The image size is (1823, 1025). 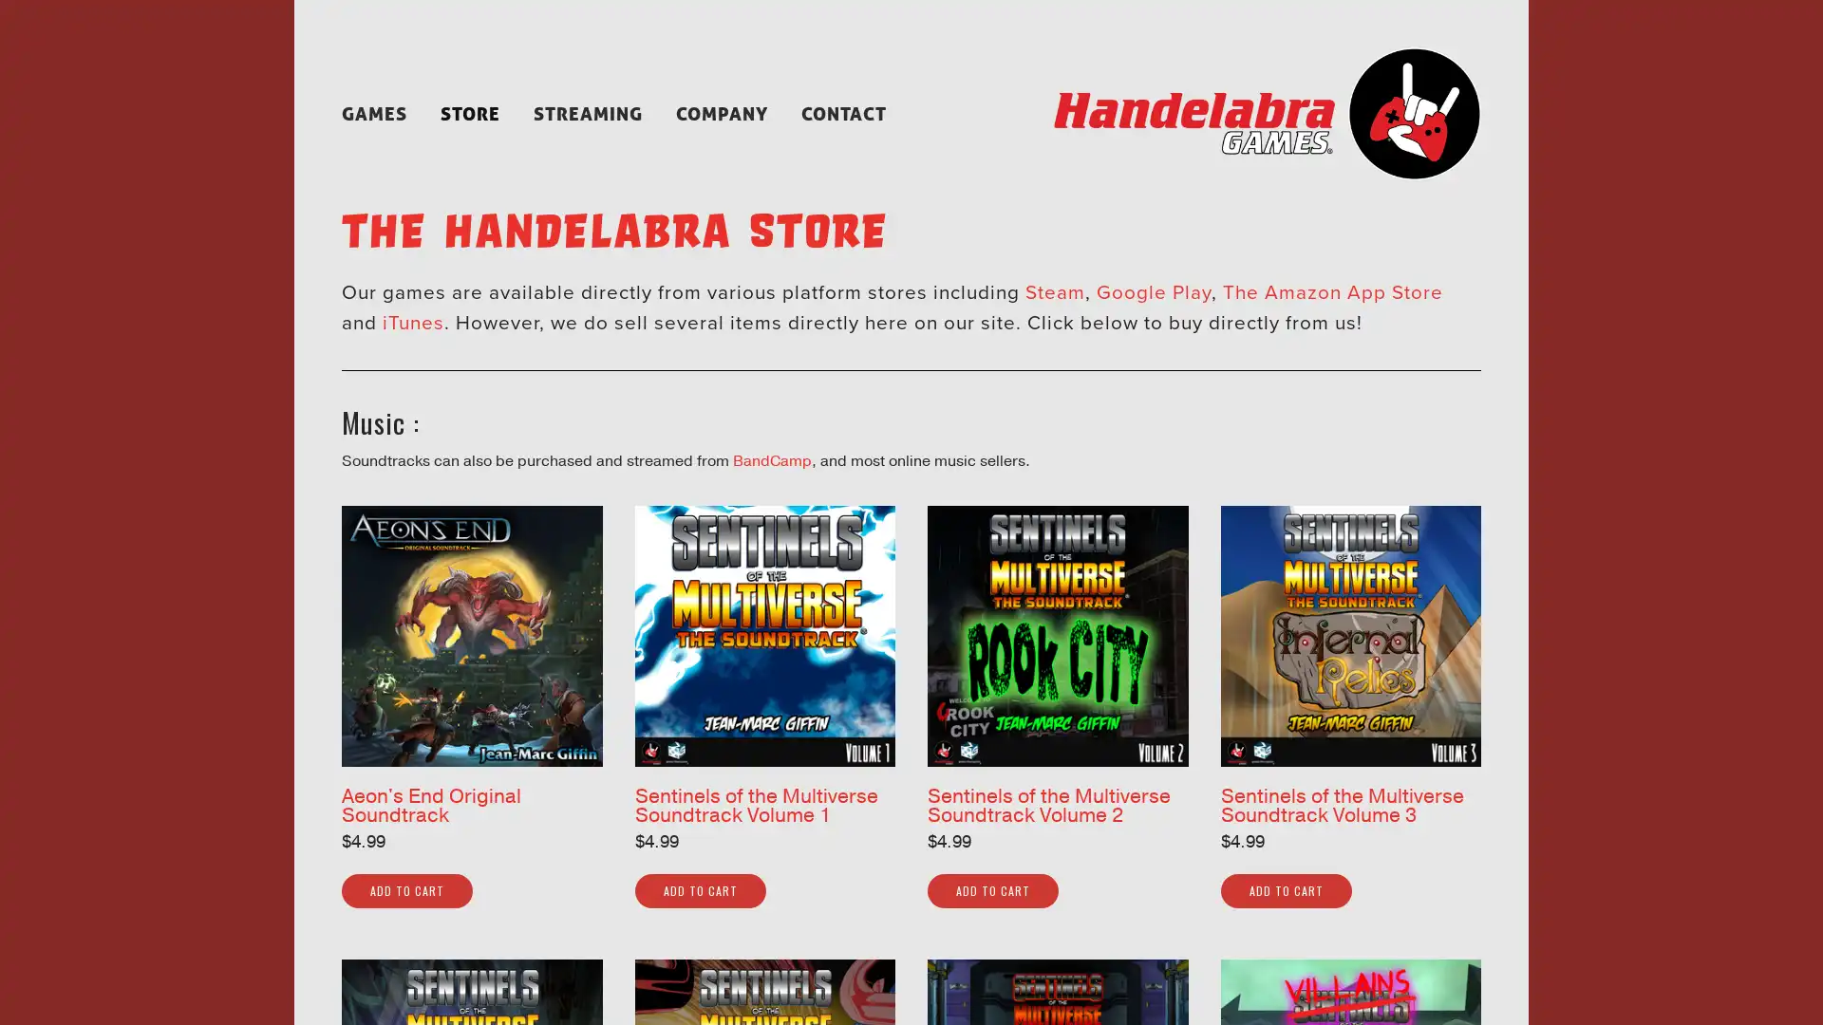 I want to click on ADD TO CART, so click(x=992, y=889).